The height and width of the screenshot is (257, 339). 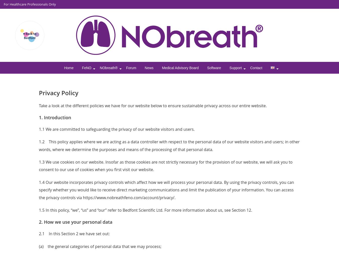 I want to click on 'Medical Advisory Board', so click(x=161, y=67).